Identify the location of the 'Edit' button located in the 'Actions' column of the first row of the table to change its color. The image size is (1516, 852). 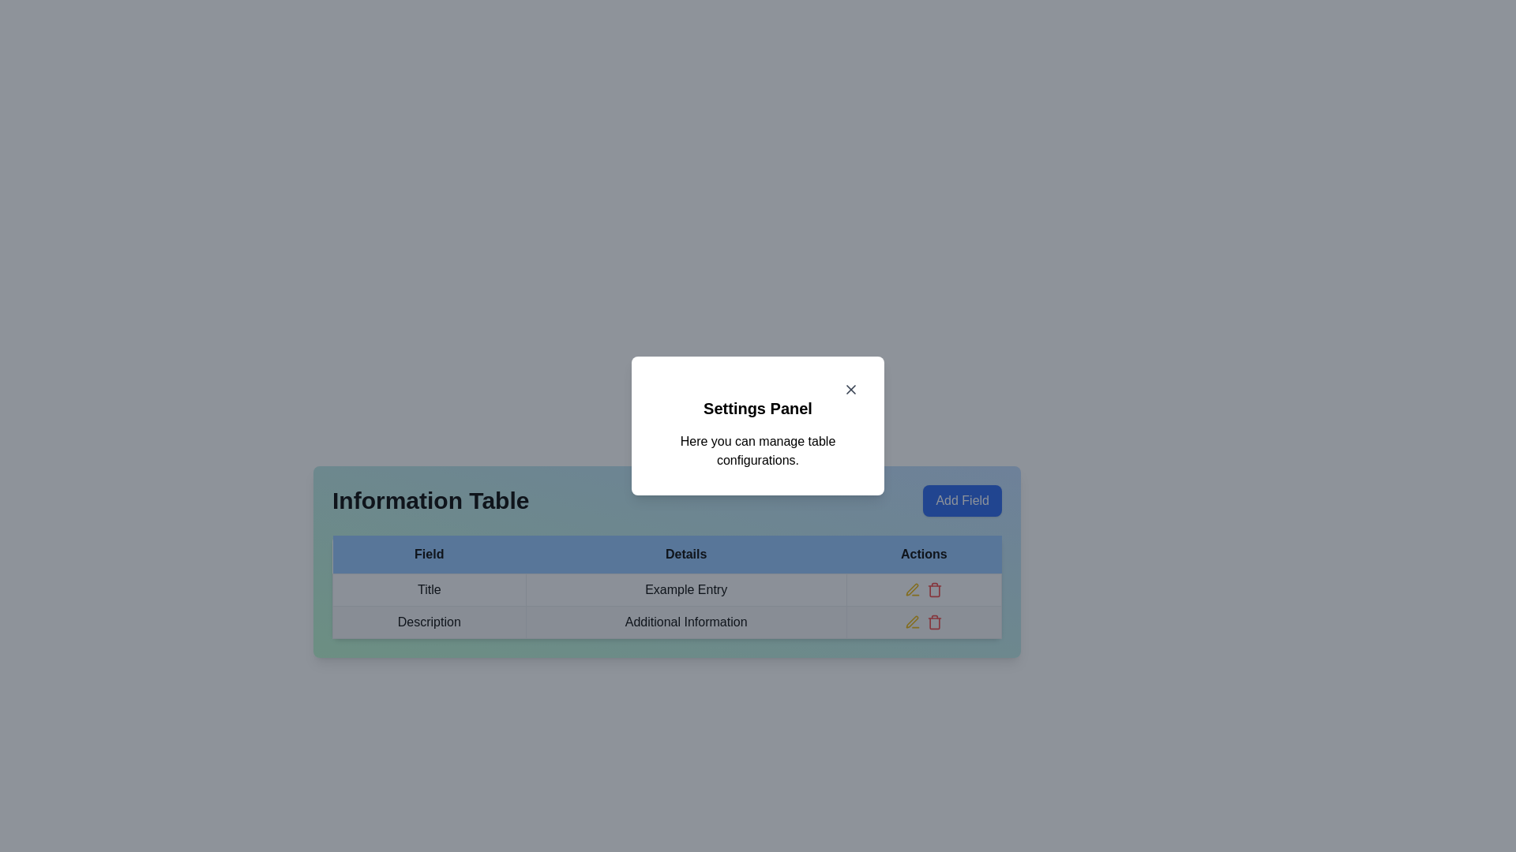
(913, 590).